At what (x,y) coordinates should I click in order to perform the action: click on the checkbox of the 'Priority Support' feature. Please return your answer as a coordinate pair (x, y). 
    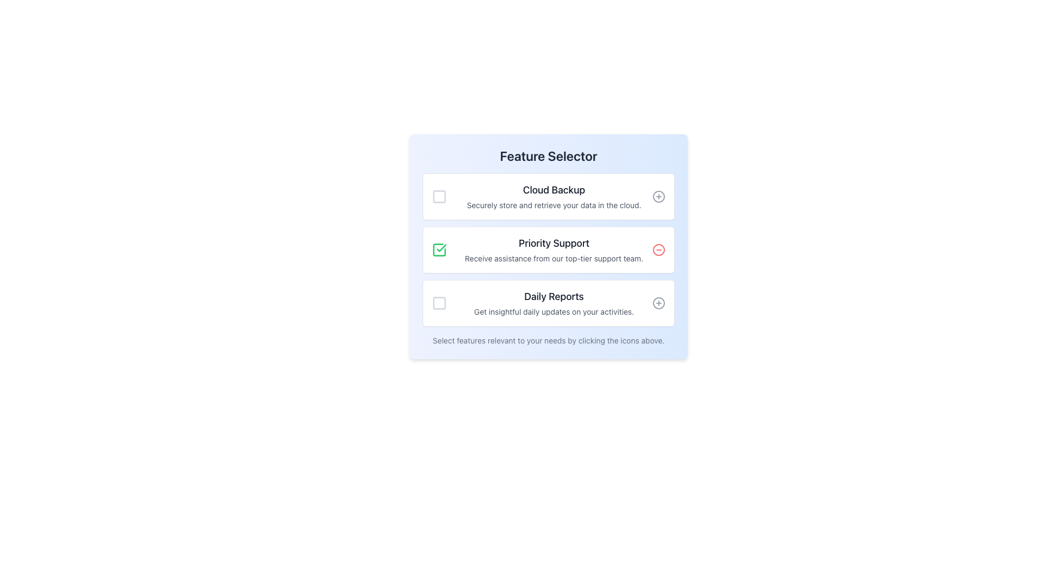
    Looking at the image, I should click on (548, 249).